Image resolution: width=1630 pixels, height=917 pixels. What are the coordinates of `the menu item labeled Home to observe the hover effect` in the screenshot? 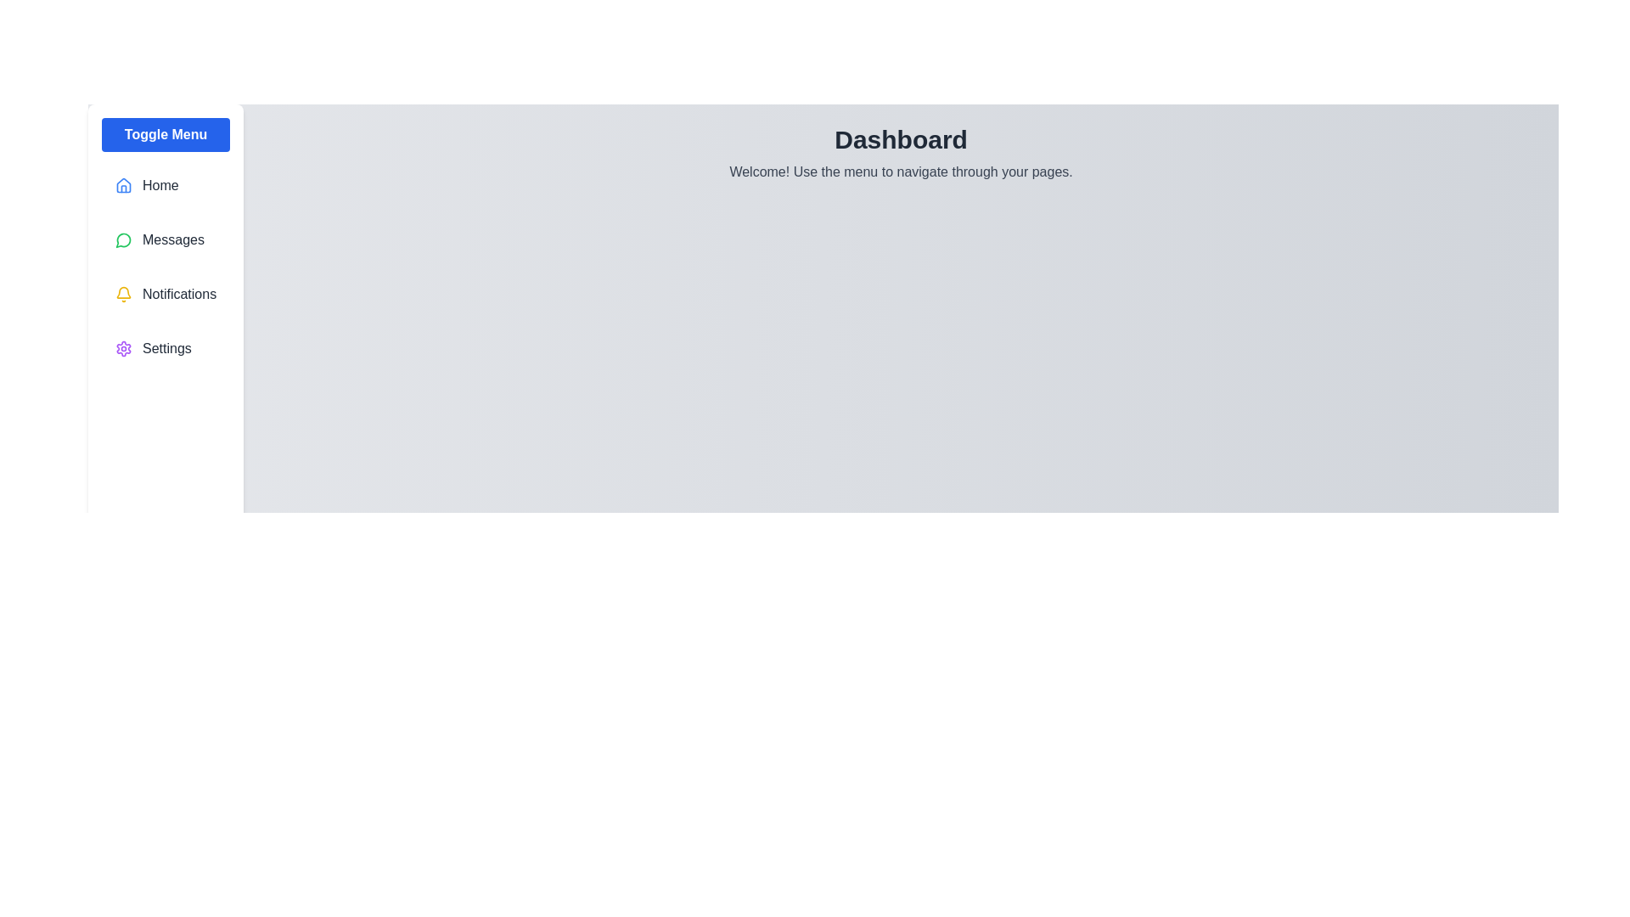 It's located at (166, 186).